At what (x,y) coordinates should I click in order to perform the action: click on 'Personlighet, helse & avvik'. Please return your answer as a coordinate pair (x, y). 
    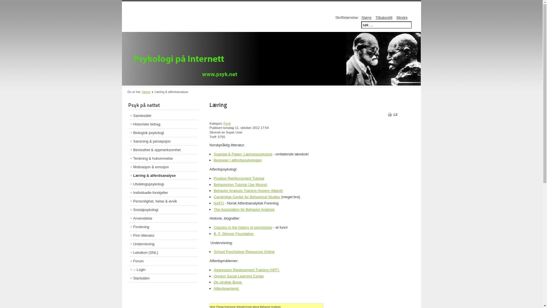
    Looking at the image, I should click on (163, 201).